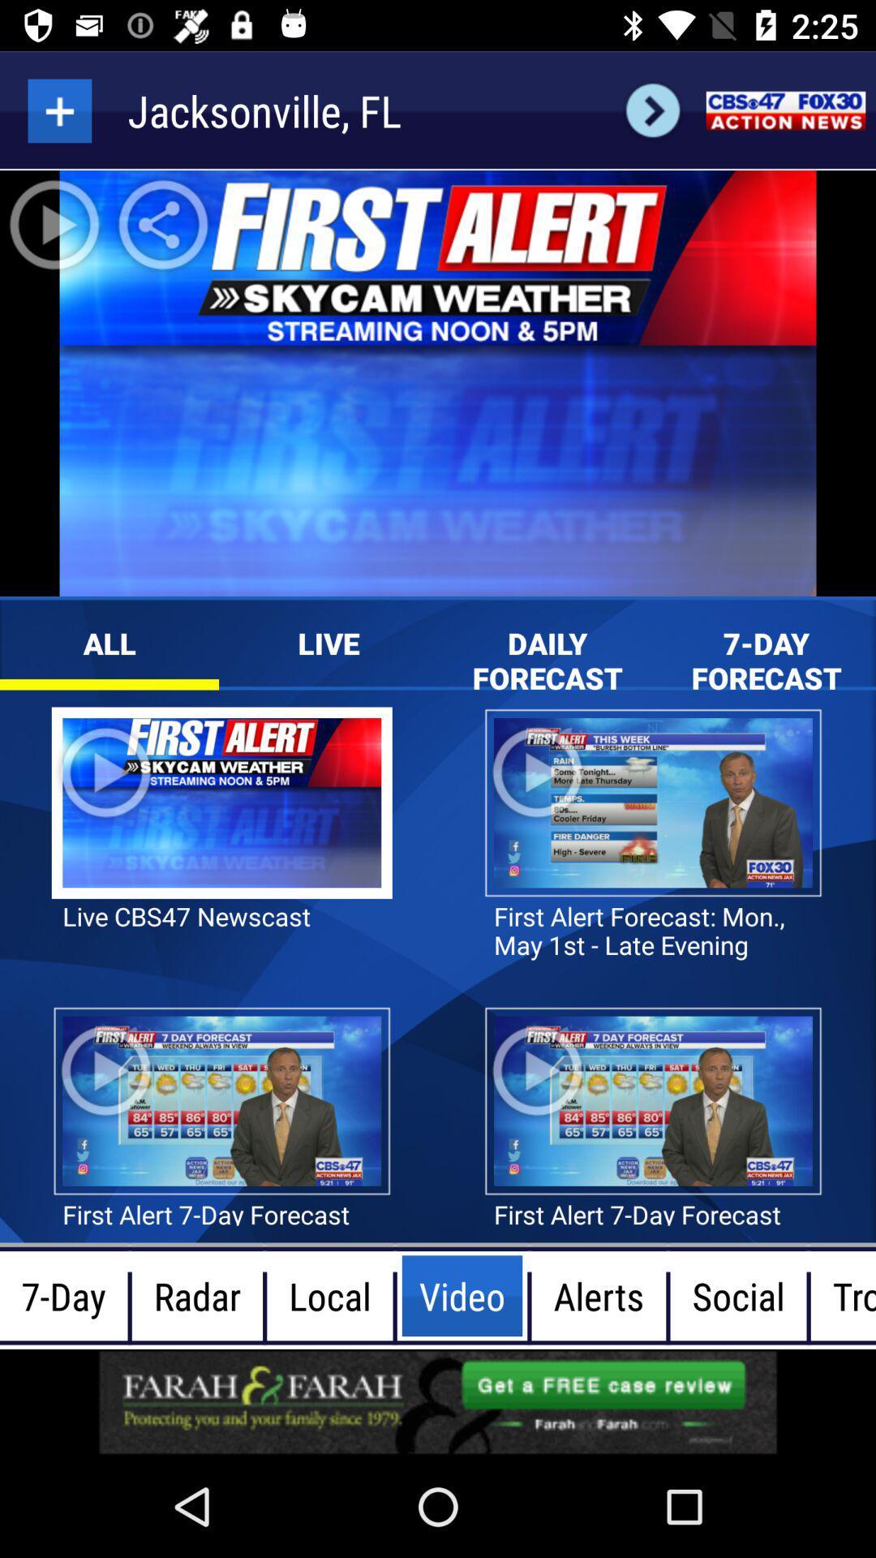 The width and height of the screenshot is (876, 1558). Describe the element at coordinates (652, 110) in the screenshot. I see `go forward` at that location.